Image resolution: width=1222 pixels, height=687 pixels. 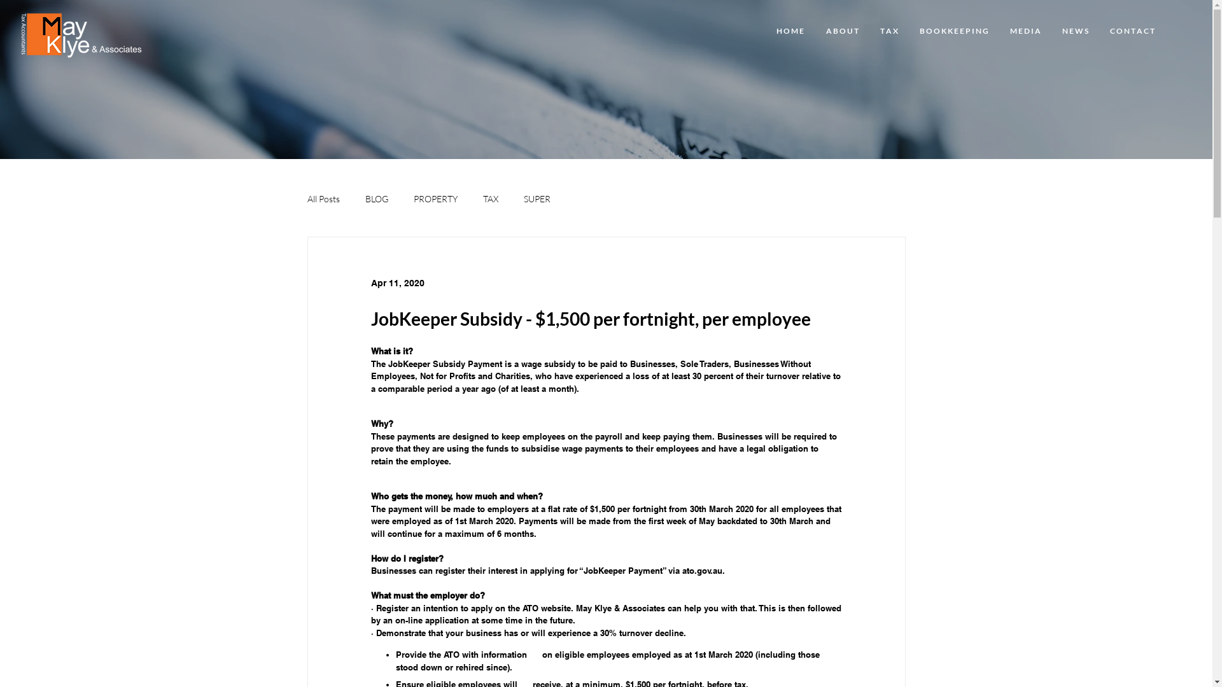 What do you see at coordinates (1025, 31) in the screenshot?
I see `'M E D I A'` at bounding box center [1025, 31].